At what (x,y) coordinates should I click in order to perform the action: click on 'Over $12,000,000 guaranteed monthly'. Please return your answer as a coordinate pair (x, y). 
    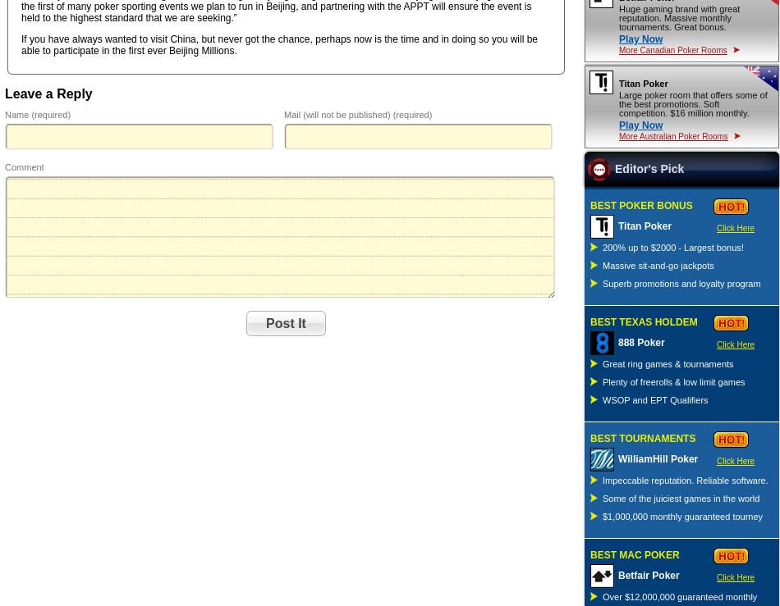
    Looking at the image, I should click on (679, 596).